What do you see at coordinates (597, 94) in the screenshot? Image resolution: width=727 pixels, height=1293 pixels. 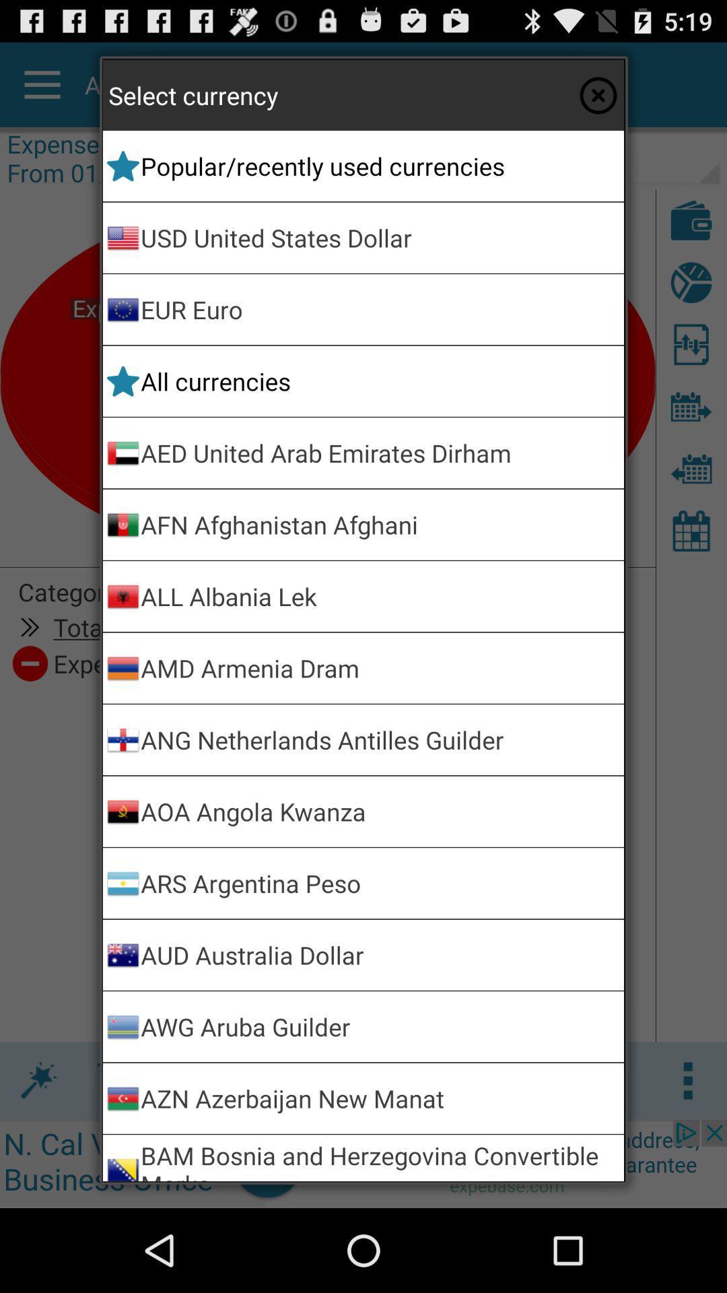 I see `the currency selector` at bounding box center [597, 94].